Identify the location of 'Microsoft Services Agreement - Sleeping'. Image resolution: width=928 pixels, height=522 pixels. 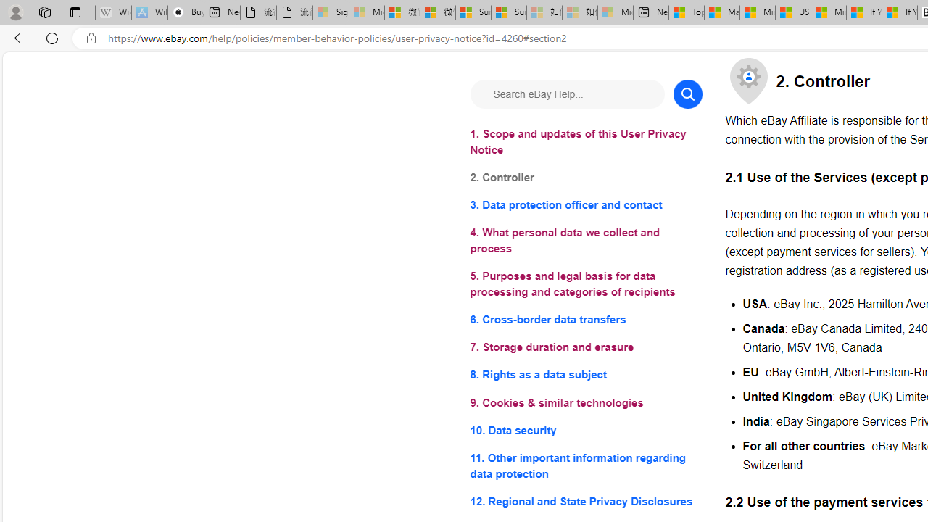
(367, 12).